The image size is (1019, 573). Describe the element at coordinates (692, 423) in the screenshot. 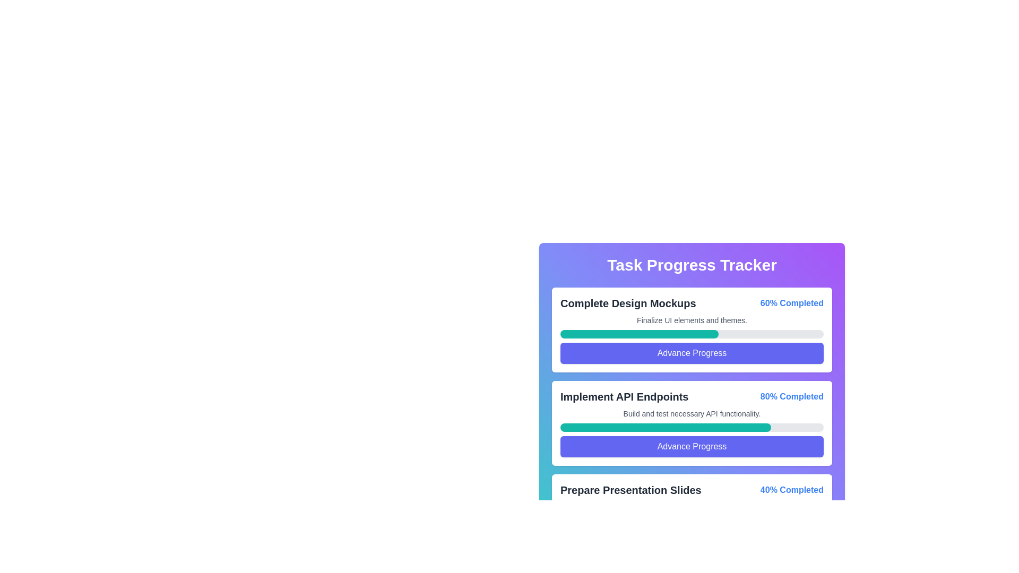

I see `the text elements of the task progress report titled 'Implement API Endpoints'` at that location.